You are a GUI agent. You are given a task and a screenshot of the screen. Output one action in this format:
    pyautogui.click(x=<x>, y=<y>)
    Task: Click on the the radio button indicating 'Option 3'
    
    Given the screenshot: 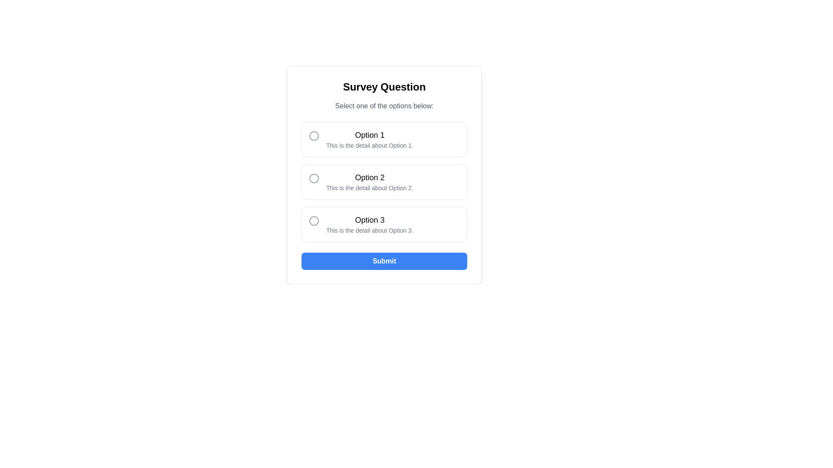 What is the action you would take?
    pyautogui.click(x=314, y=220)
    